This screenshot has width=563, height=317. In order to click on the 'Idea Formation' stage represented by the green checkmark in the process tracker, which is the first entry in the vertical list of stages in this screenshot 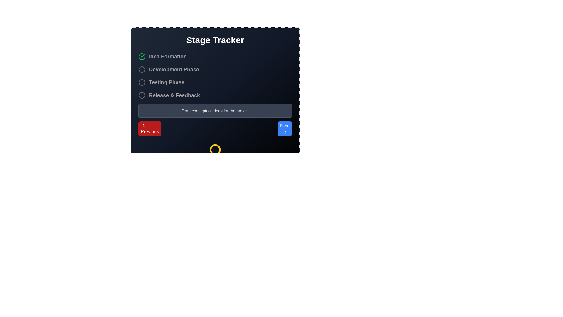, I will do `click(215, 56)`.